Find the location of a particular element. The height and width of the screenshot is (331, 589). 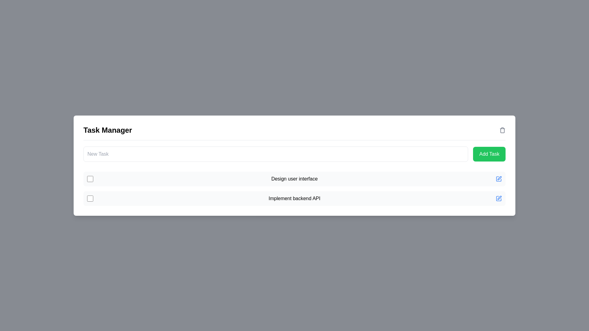

the task text 'Implement backend API' within the task item that has a light gray background and contains a checkbox on the left and an edit icon on the right is located at coordinates (294, 198).